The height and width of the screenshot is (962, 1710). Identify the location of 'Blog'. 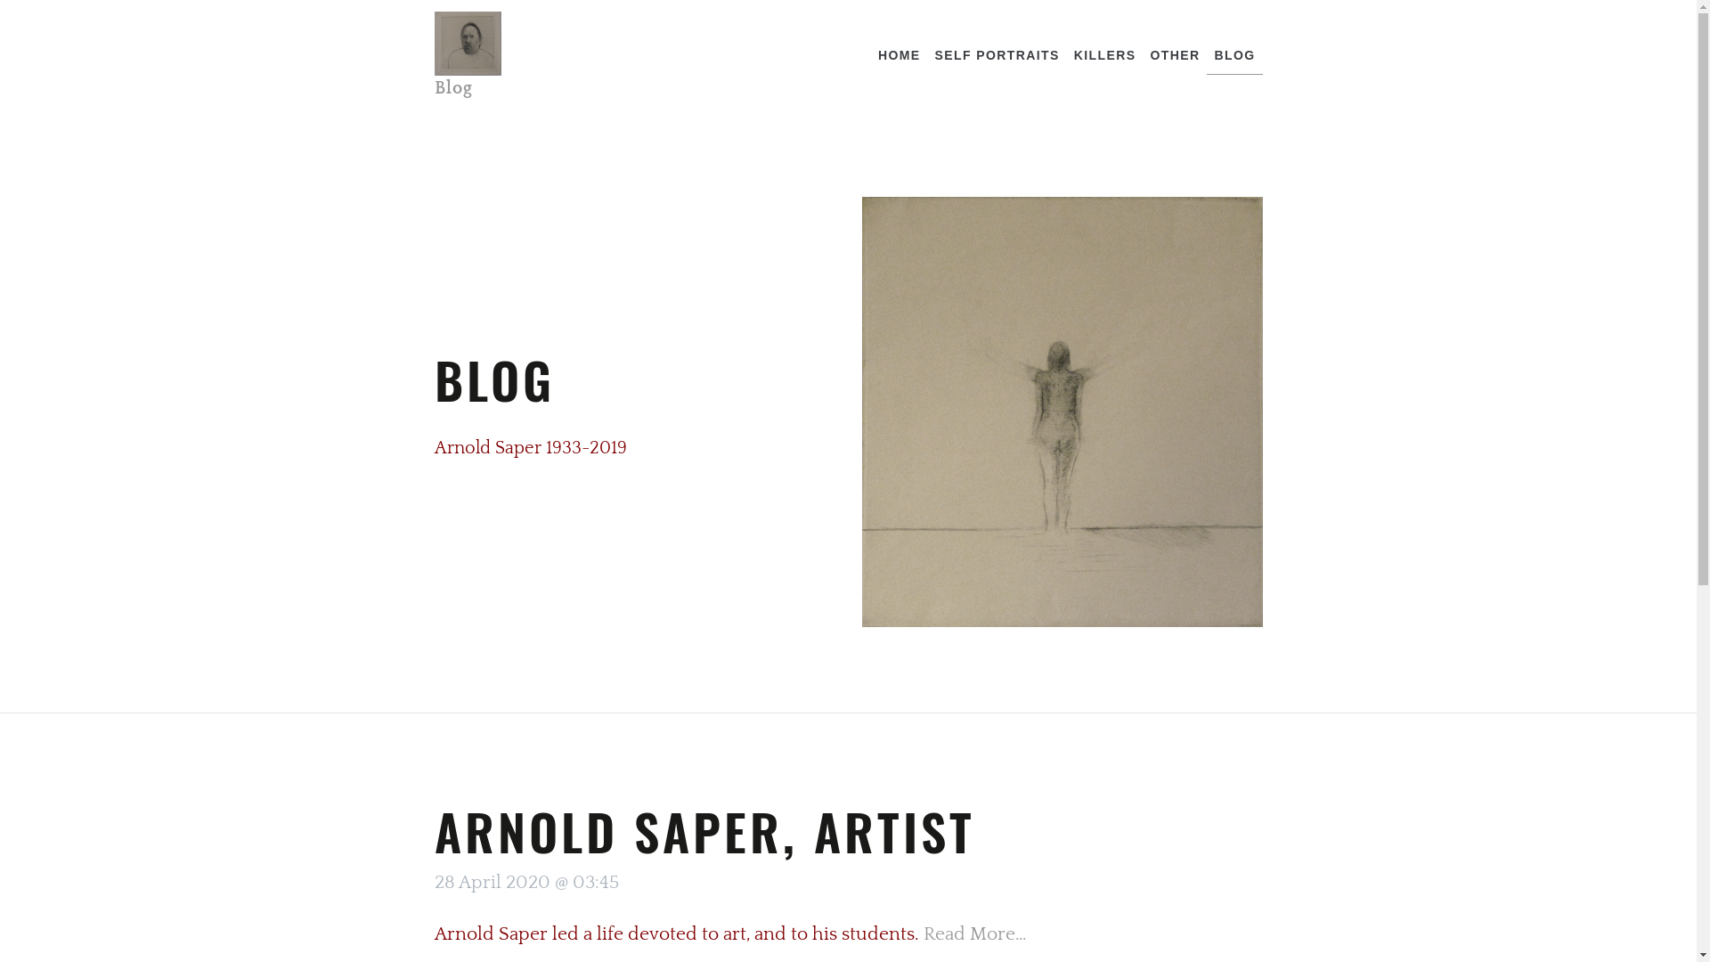
(468, 54).